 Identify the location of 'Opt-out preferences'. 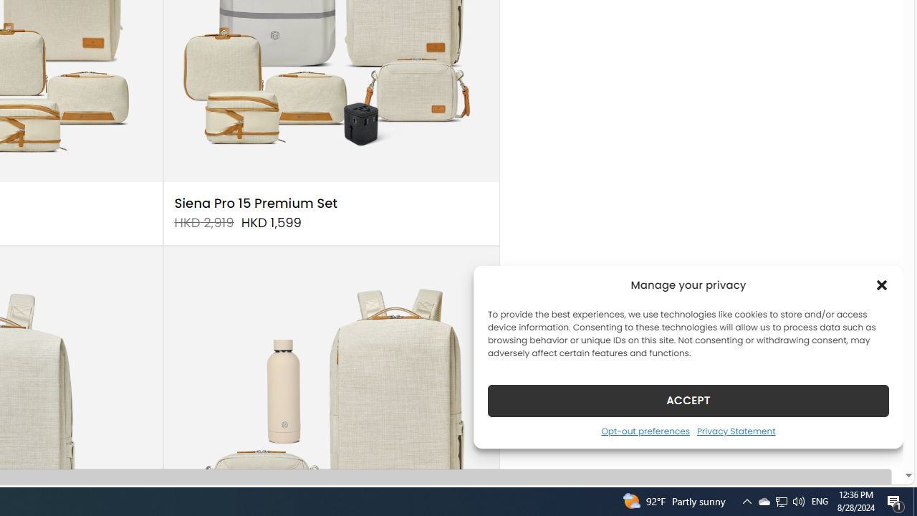
(644, 430).